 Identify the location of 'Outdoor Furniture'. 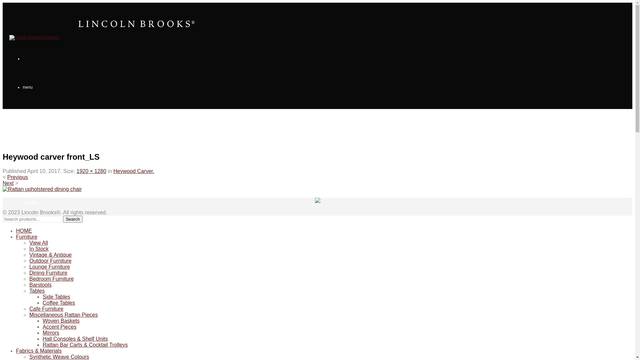
(50, 260).